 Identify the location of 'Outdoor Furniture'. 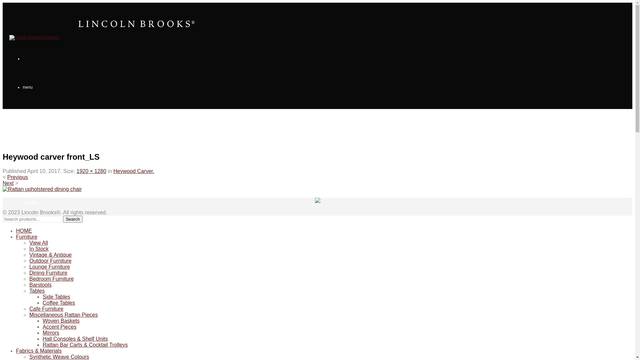
(50, 260).